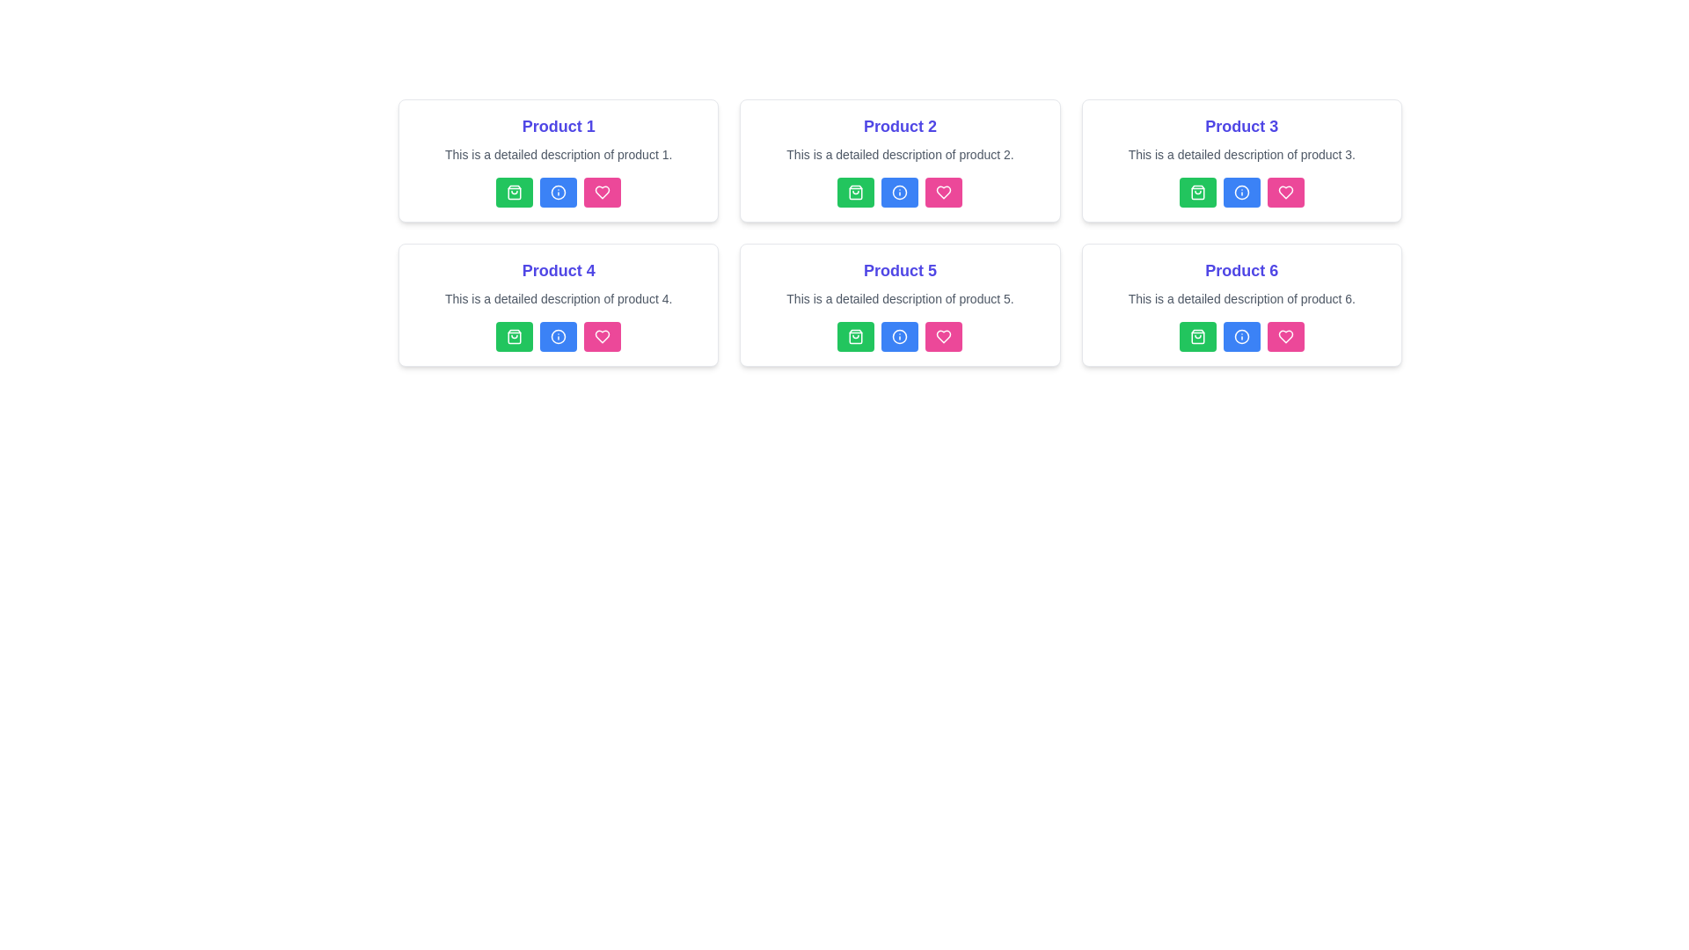 The width and height of the screenshot is (1689, 950). What do you see at coordinates (900, 193) in the screenshot?
I see `the informational button icon located in the second position from the left in the row of buttons under the 'Product 2' section to prompt an action or display information` at bounding box center [900, 193].